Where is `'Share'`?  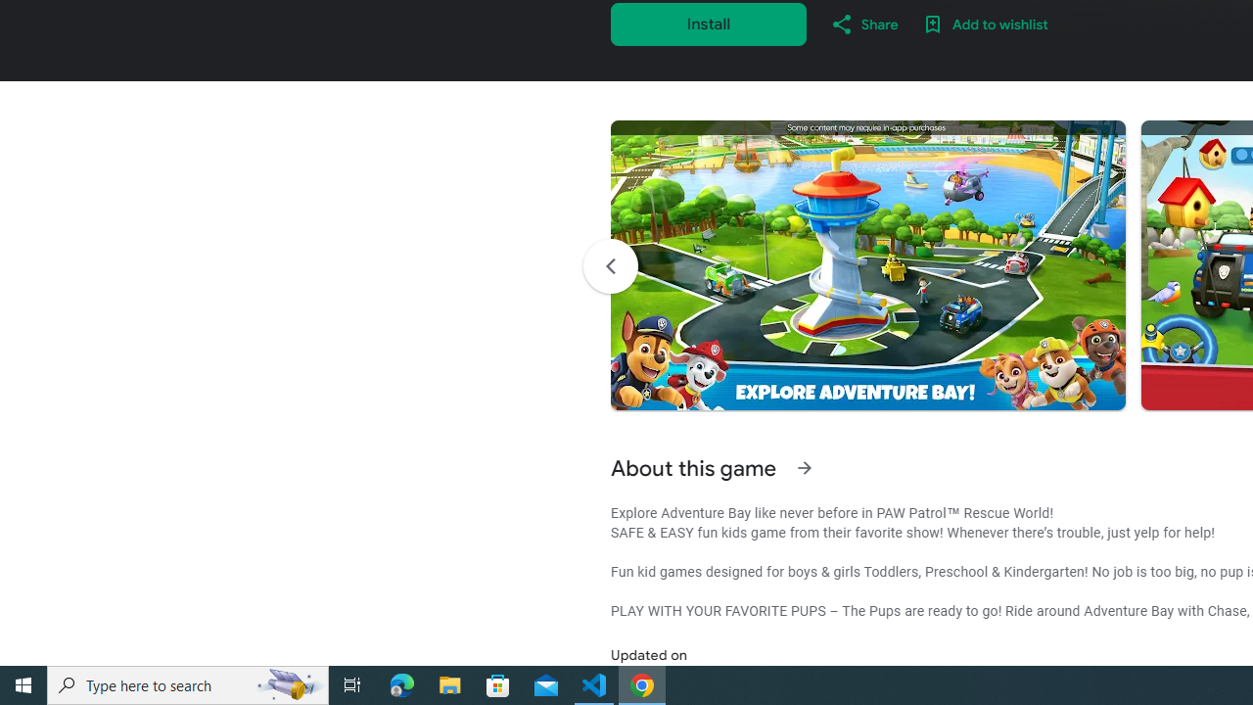
'Share' is located at coordinates (861, 23).